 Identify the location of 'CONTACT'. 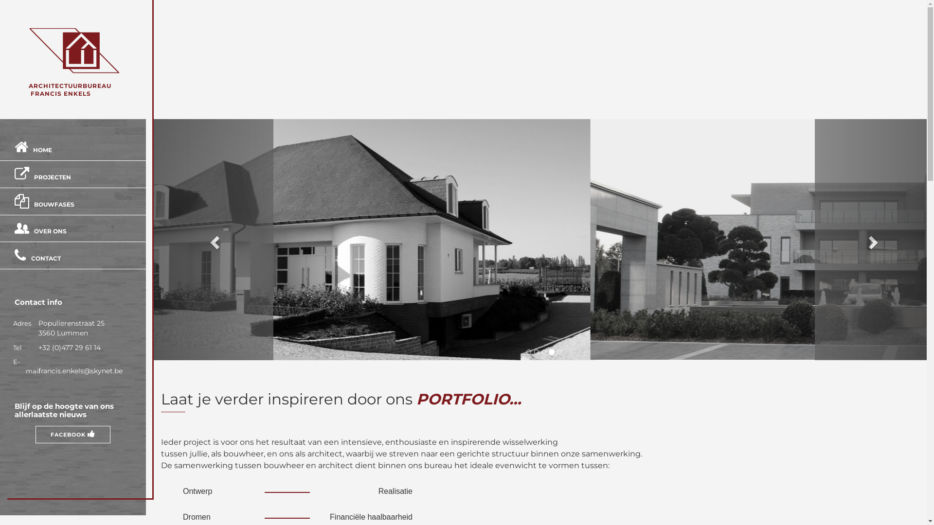
(45, 258).